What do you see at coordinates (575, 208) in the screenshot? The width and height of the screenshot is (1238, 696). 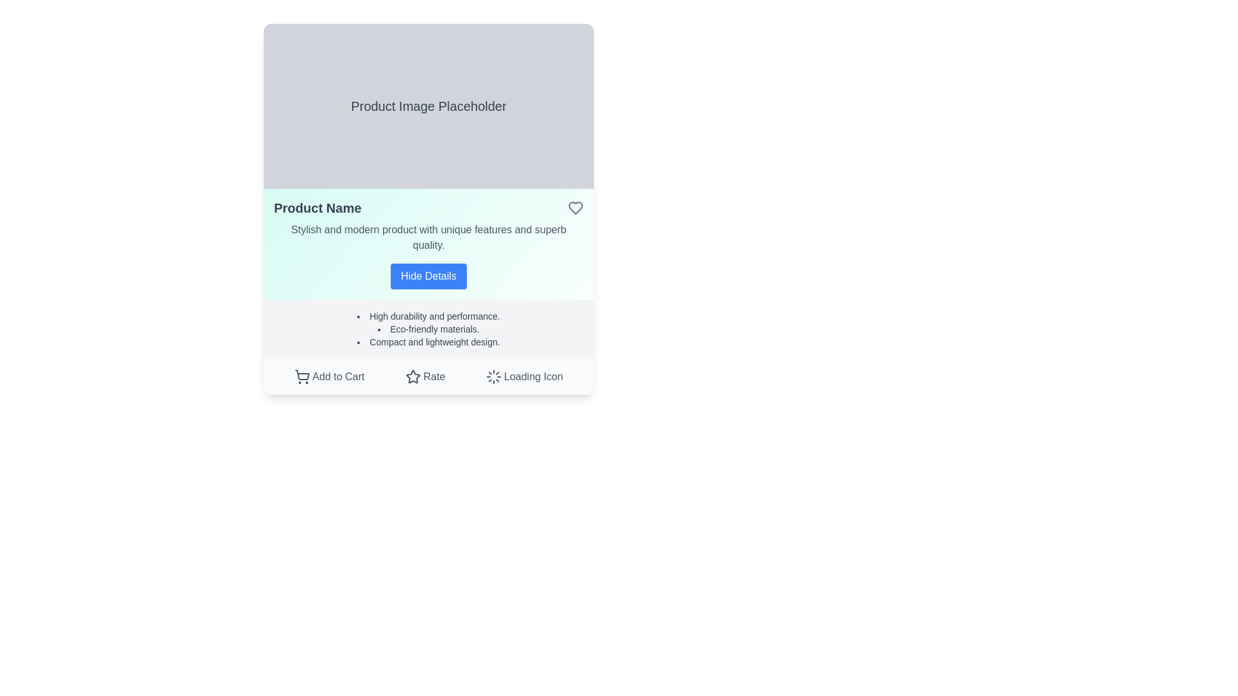 I see `the 'favorite' or 'wishlist' icon located` at bounding box center [575, 208].